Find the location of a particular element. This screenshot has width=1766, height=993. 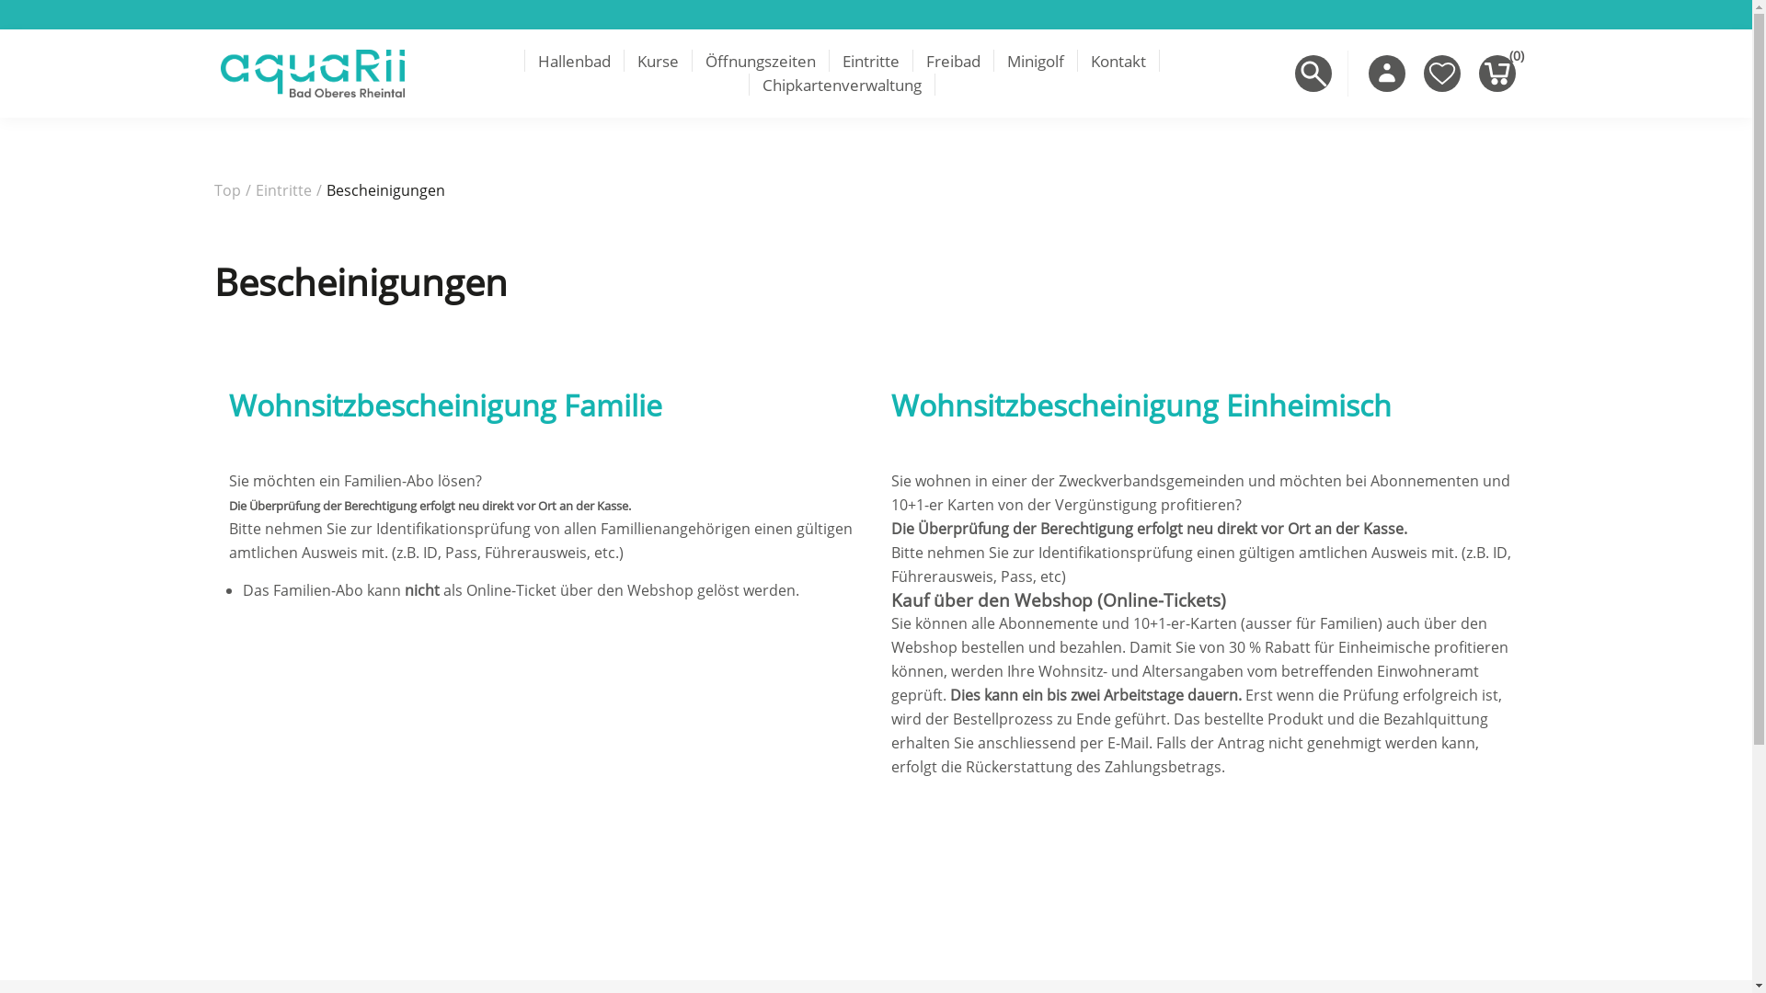

'Kurse' is located at coordinates (623, 60).